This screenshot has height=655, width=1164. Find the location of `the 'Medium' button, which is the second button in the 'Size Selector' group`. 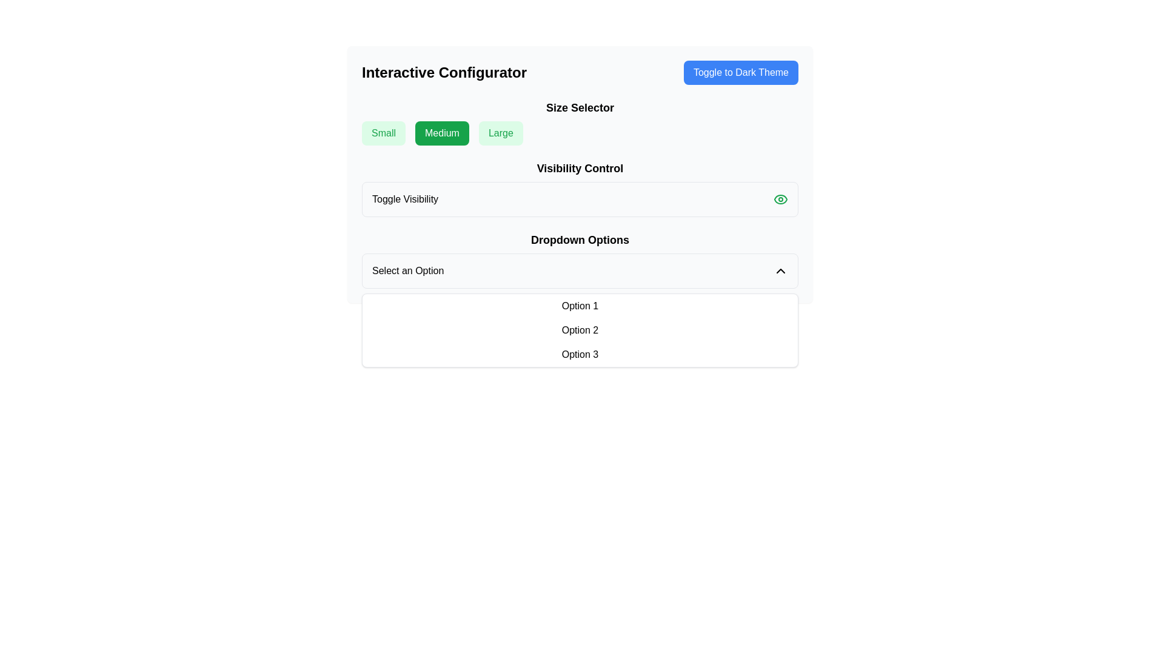

the 'Medium' button, which is the second button in the 'Size Selector' group is located at coordinates (441, 133).